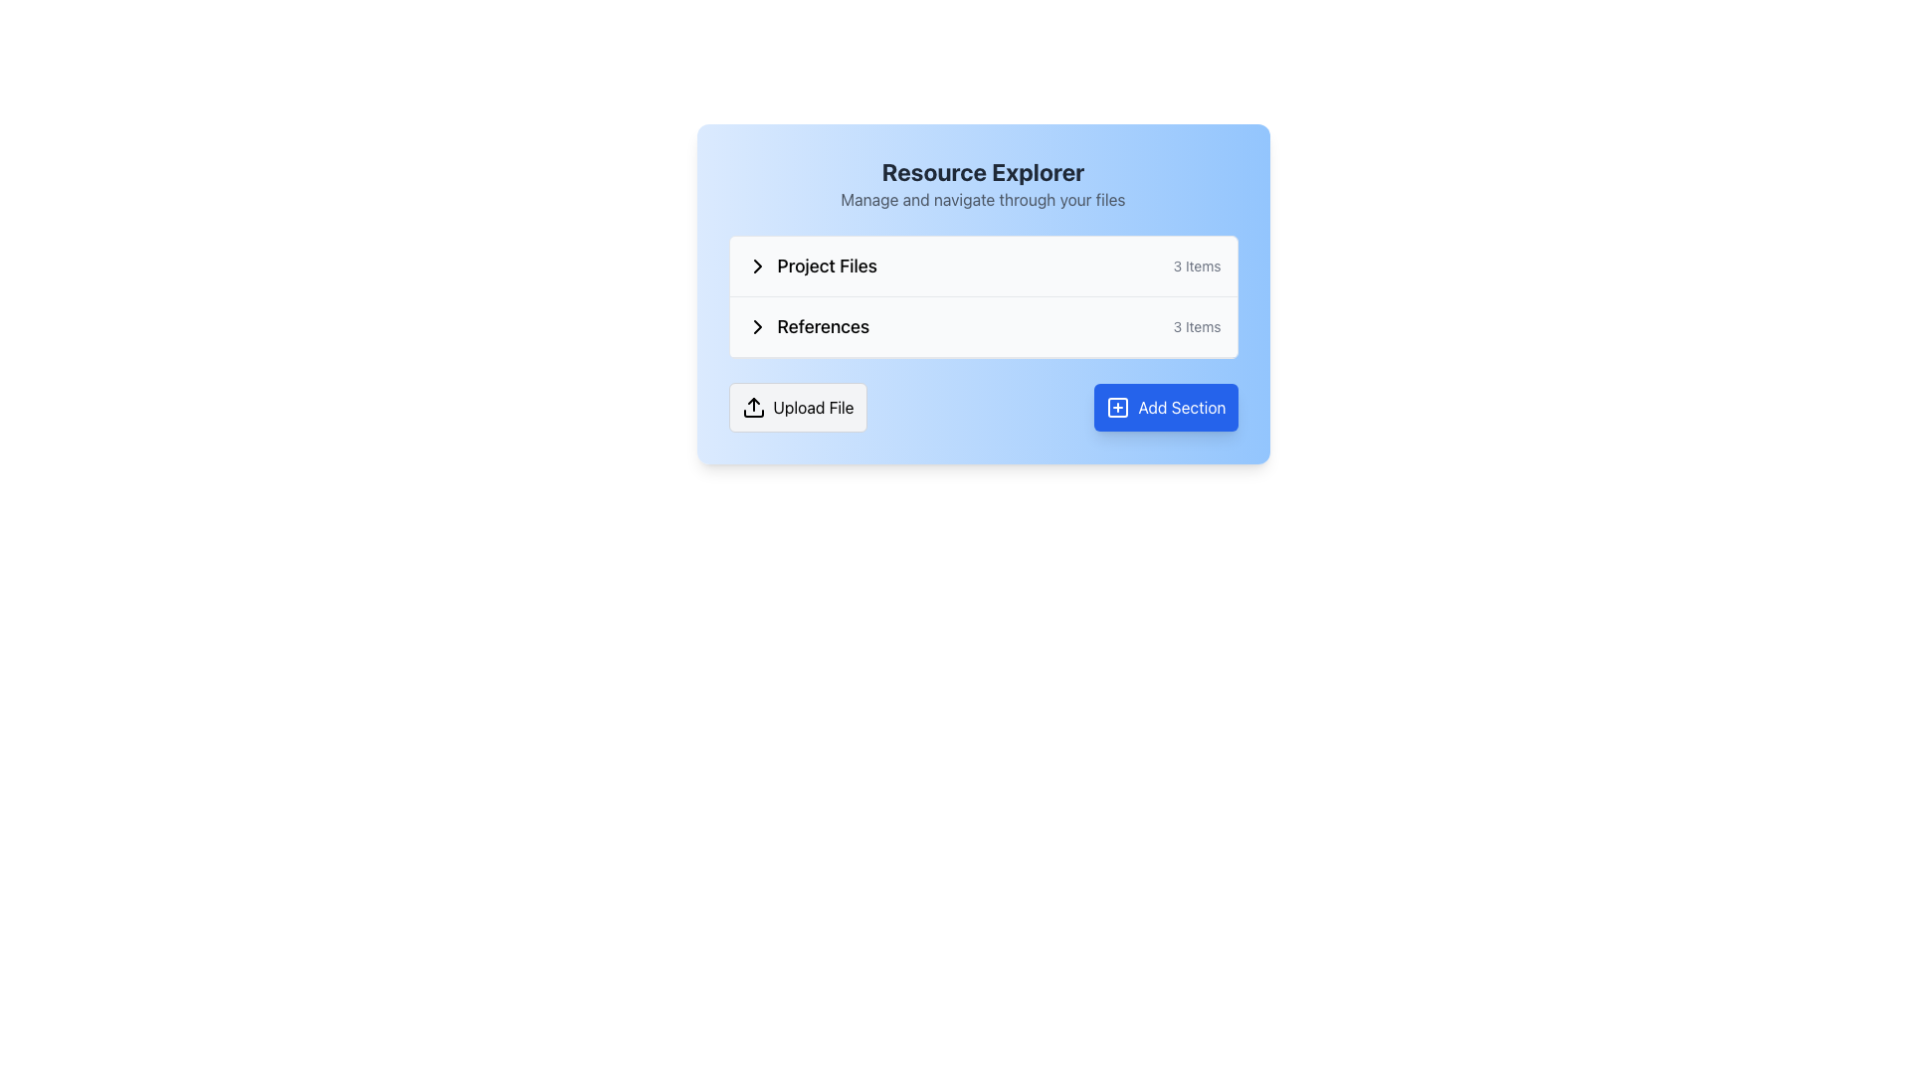 The height and width of the screenshot is (1074, 1910). Describe the element at coordinates (797, 406) in the screenshot. I see `the 'Upload File' button, which is a rectangular button with a light gray background and an upload icon, located beneath the 'Project Files' and 'References' listings` at that location.